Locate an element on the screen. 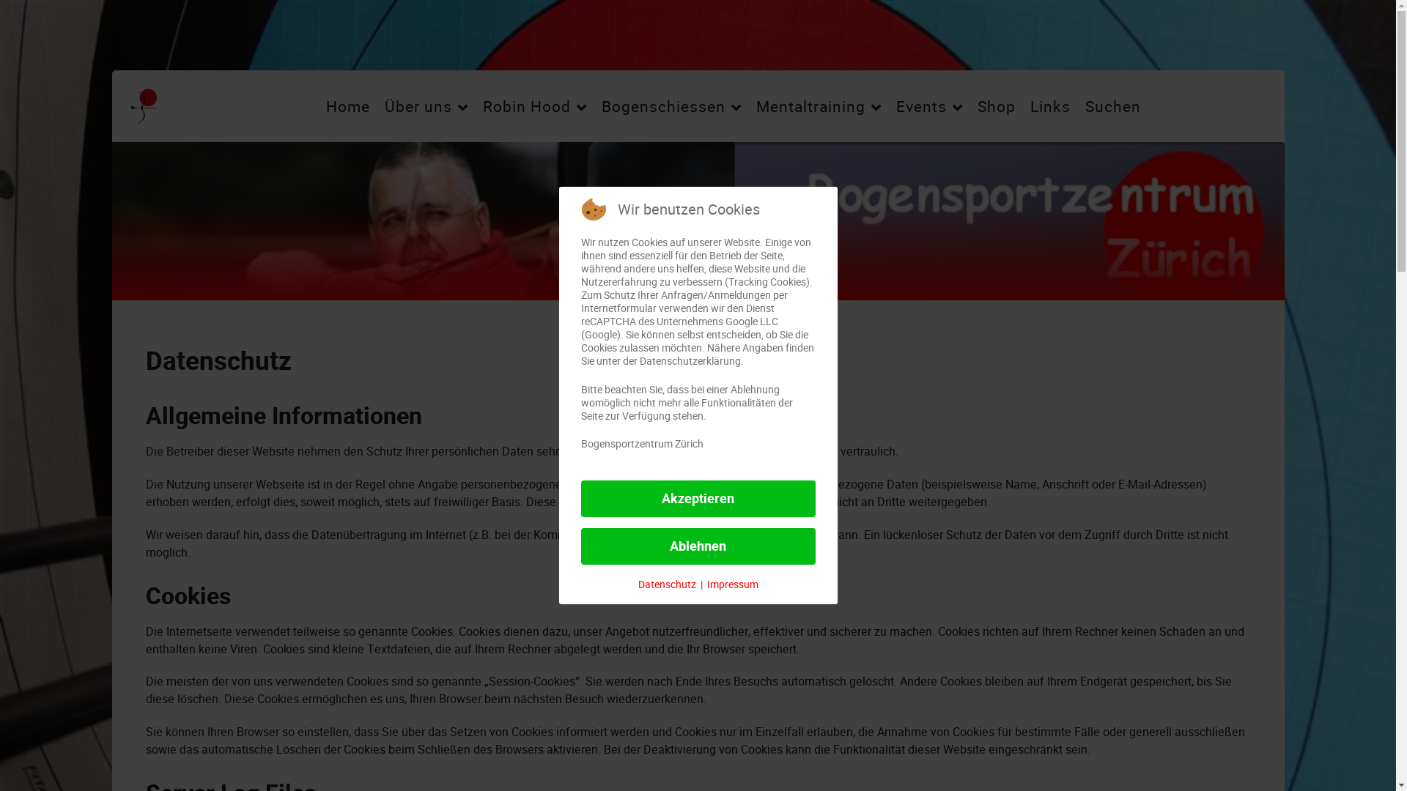 The height and width of the screenshot is (791, 1407). 'Datenschutz' is located at coordinates (637, 584).